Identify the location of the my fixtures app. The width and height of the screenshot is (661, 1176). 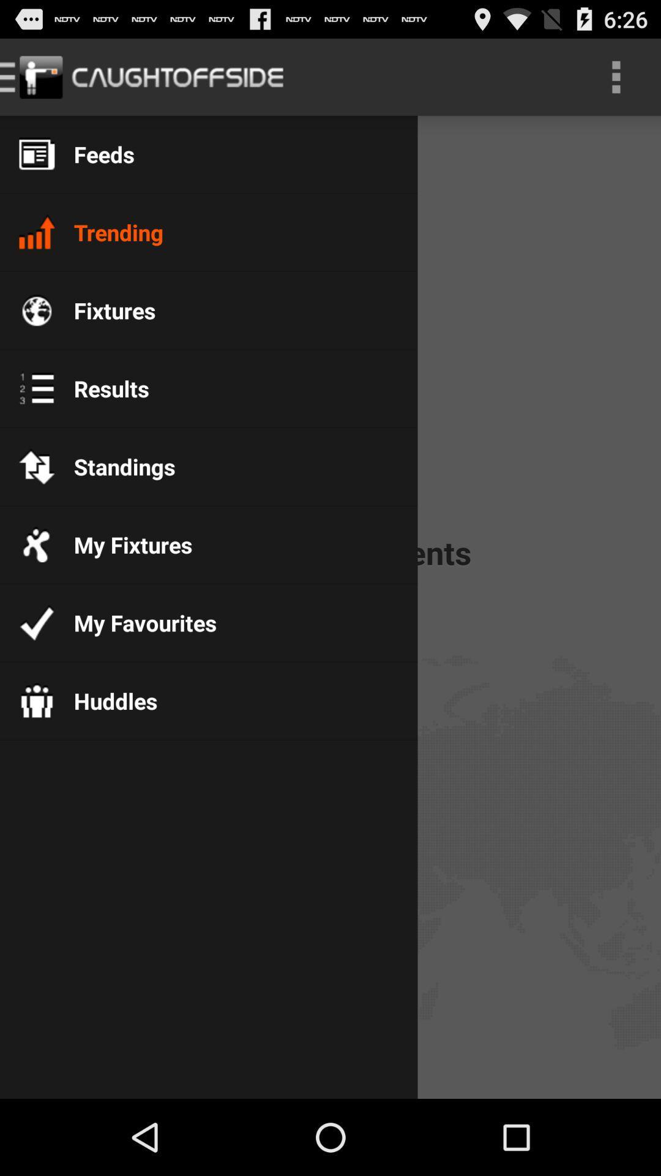
(123, 544).